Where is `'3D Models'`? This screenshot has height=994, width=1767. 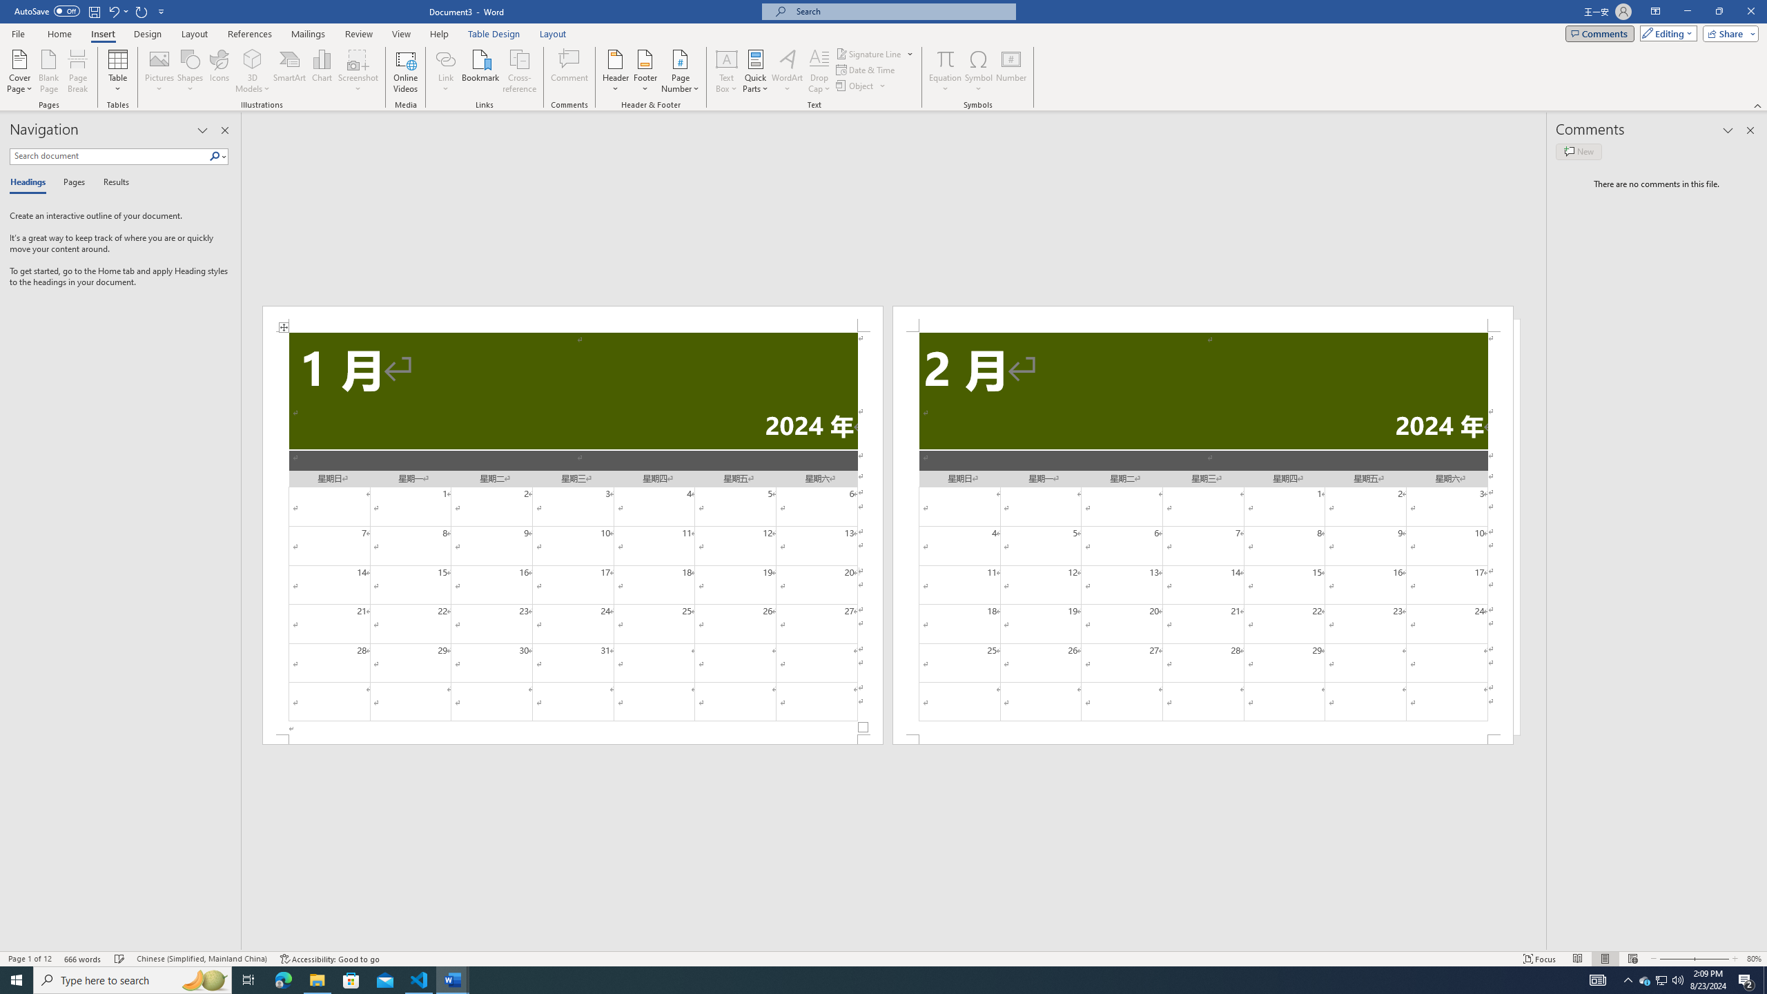
'3D Models' is located at coordinates (253, 71).